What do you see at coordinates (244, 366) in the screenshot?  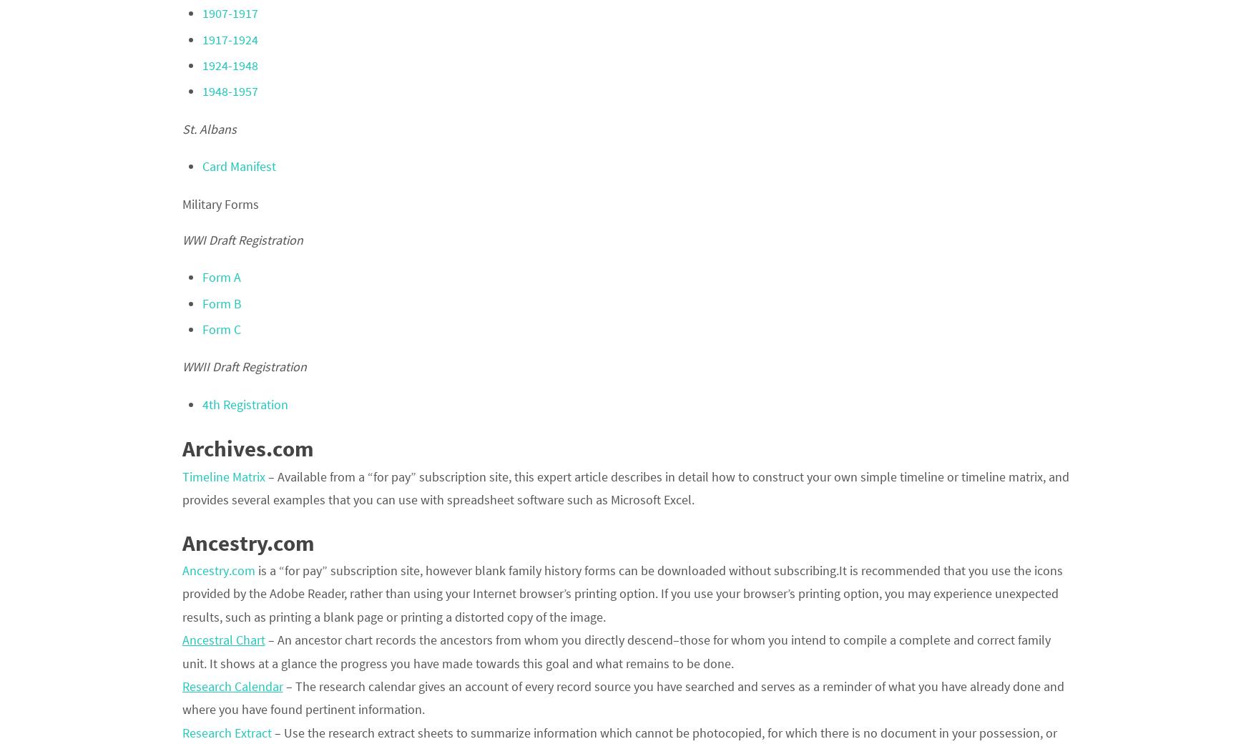 I see `'WWII Draft Registration'` at bounding box center [244, 366].